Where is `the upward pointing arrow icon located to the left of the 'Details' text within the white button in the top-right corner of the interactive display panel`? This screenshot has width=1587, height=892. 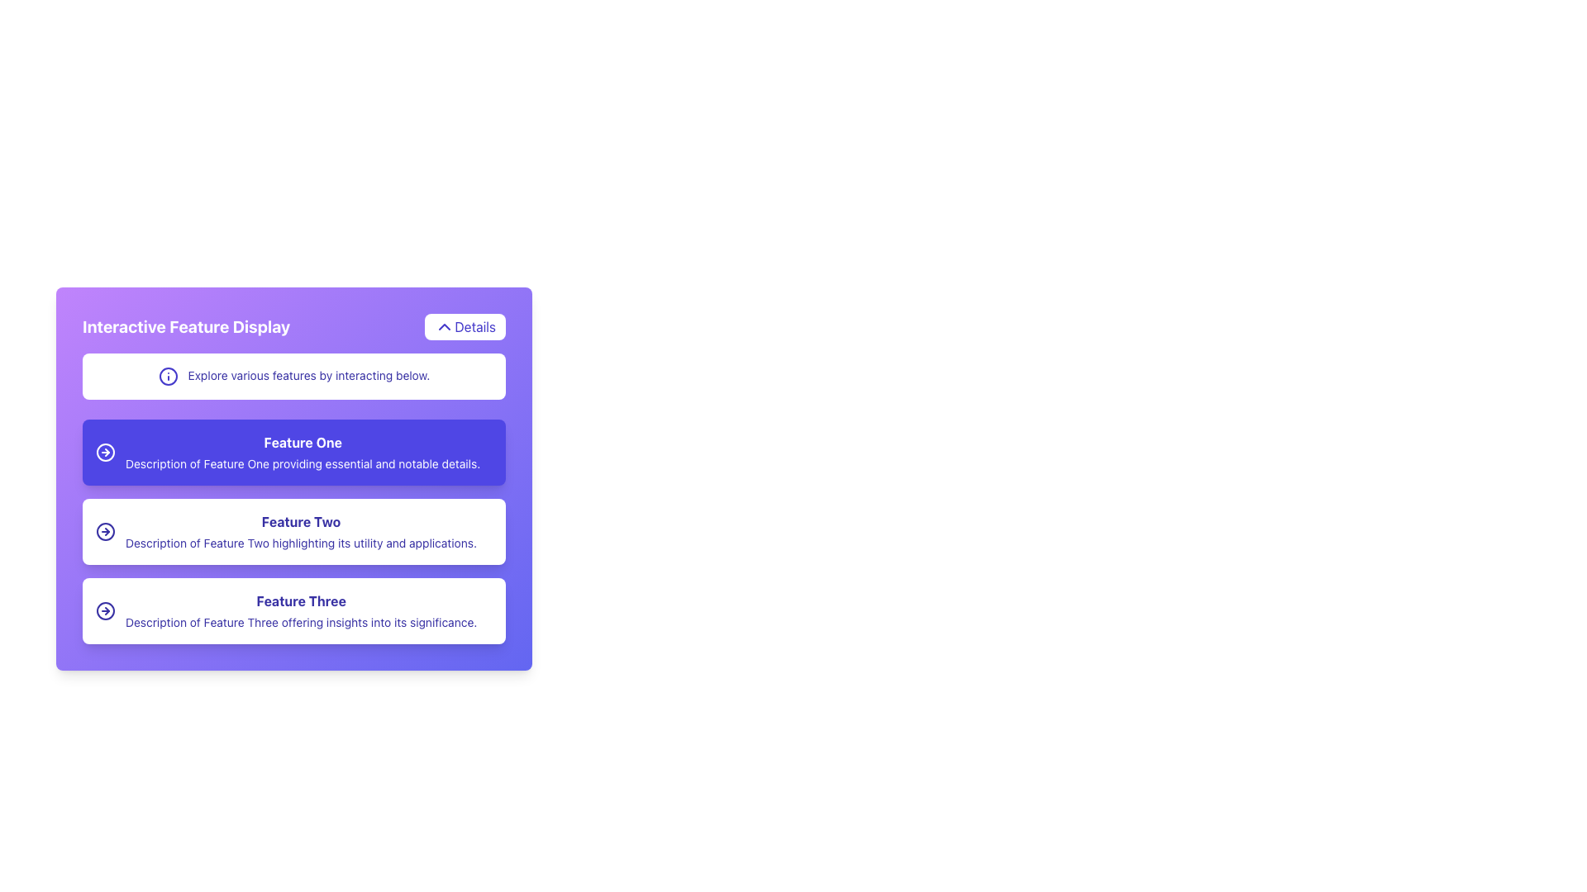
the upward pointing arrow icon located to the left of the 'Details' text within the white button in the top-right corner of the interactive display panel is located at coordinates (445, 327).